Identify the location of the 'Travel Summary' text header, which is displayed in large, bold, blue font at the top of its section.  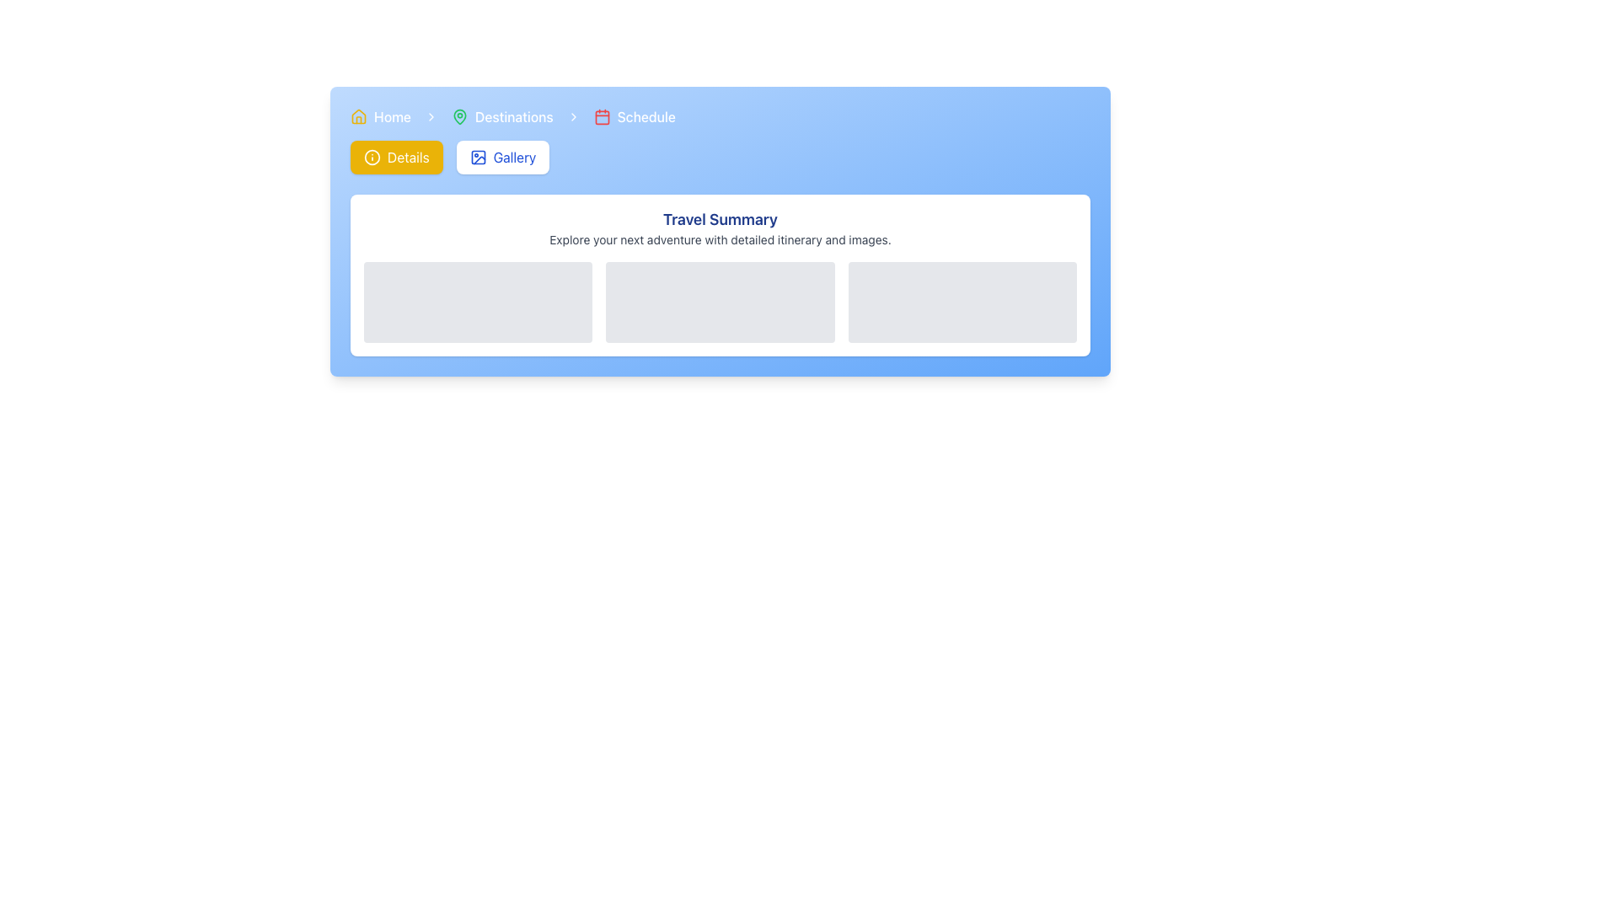
(720, 219).